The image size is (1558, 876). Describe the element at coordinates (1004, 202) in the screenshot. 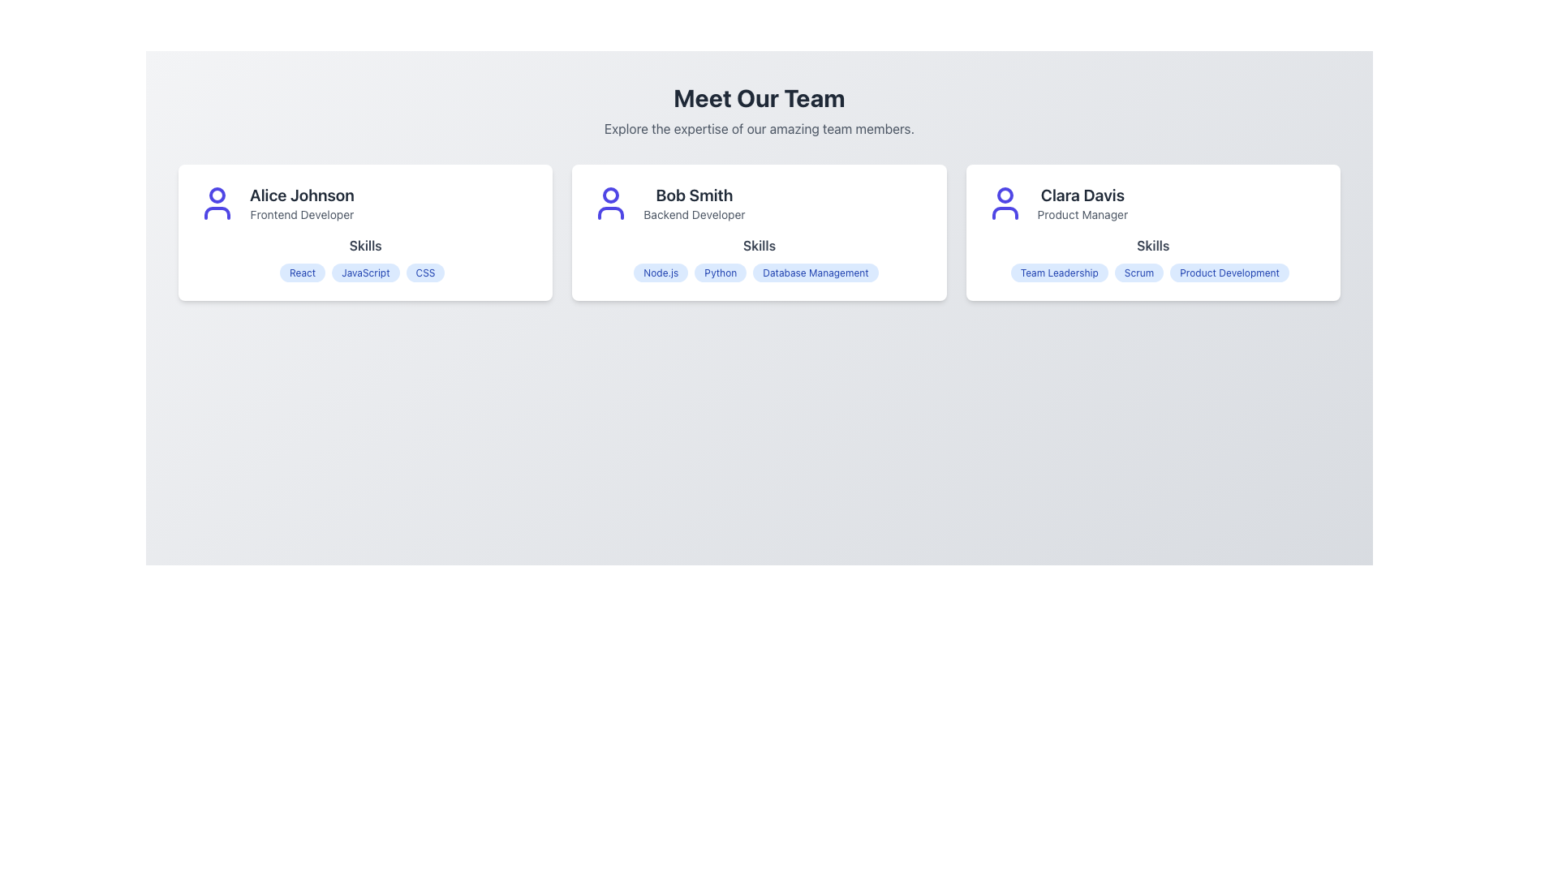

I see `the user icon representing Clara Davis, located at the top-left corner of the rightmost card in a row of three cards` at that location.